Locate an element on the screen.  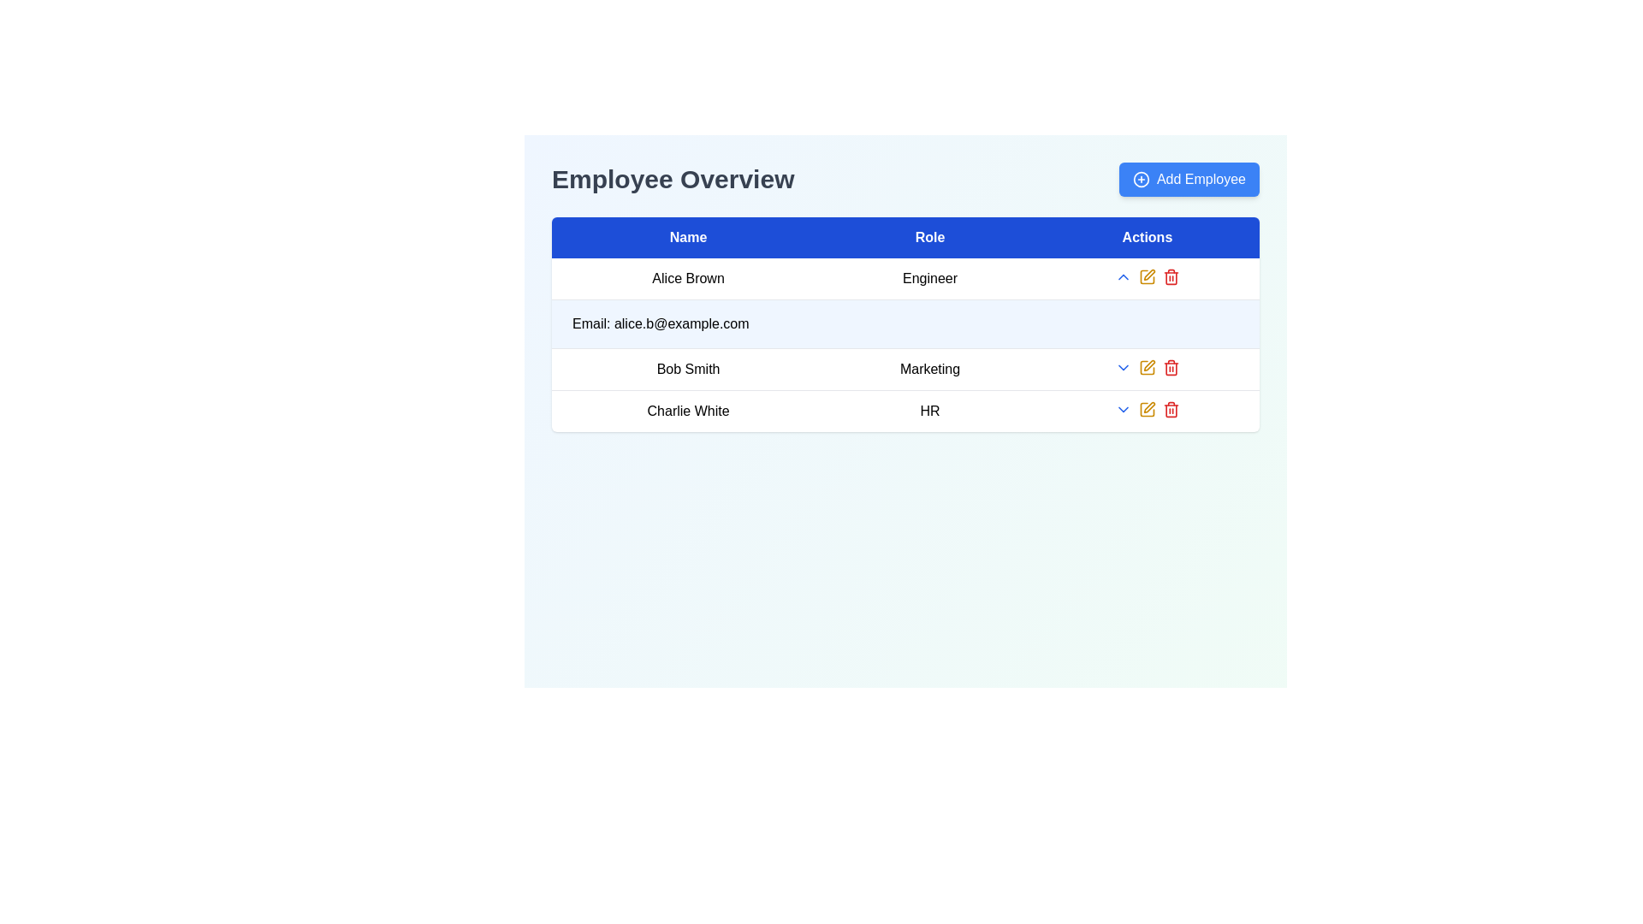
the static text label displaying 'Alice Brown' in the 'Name' column of the table is located at coordinates (688, 278).